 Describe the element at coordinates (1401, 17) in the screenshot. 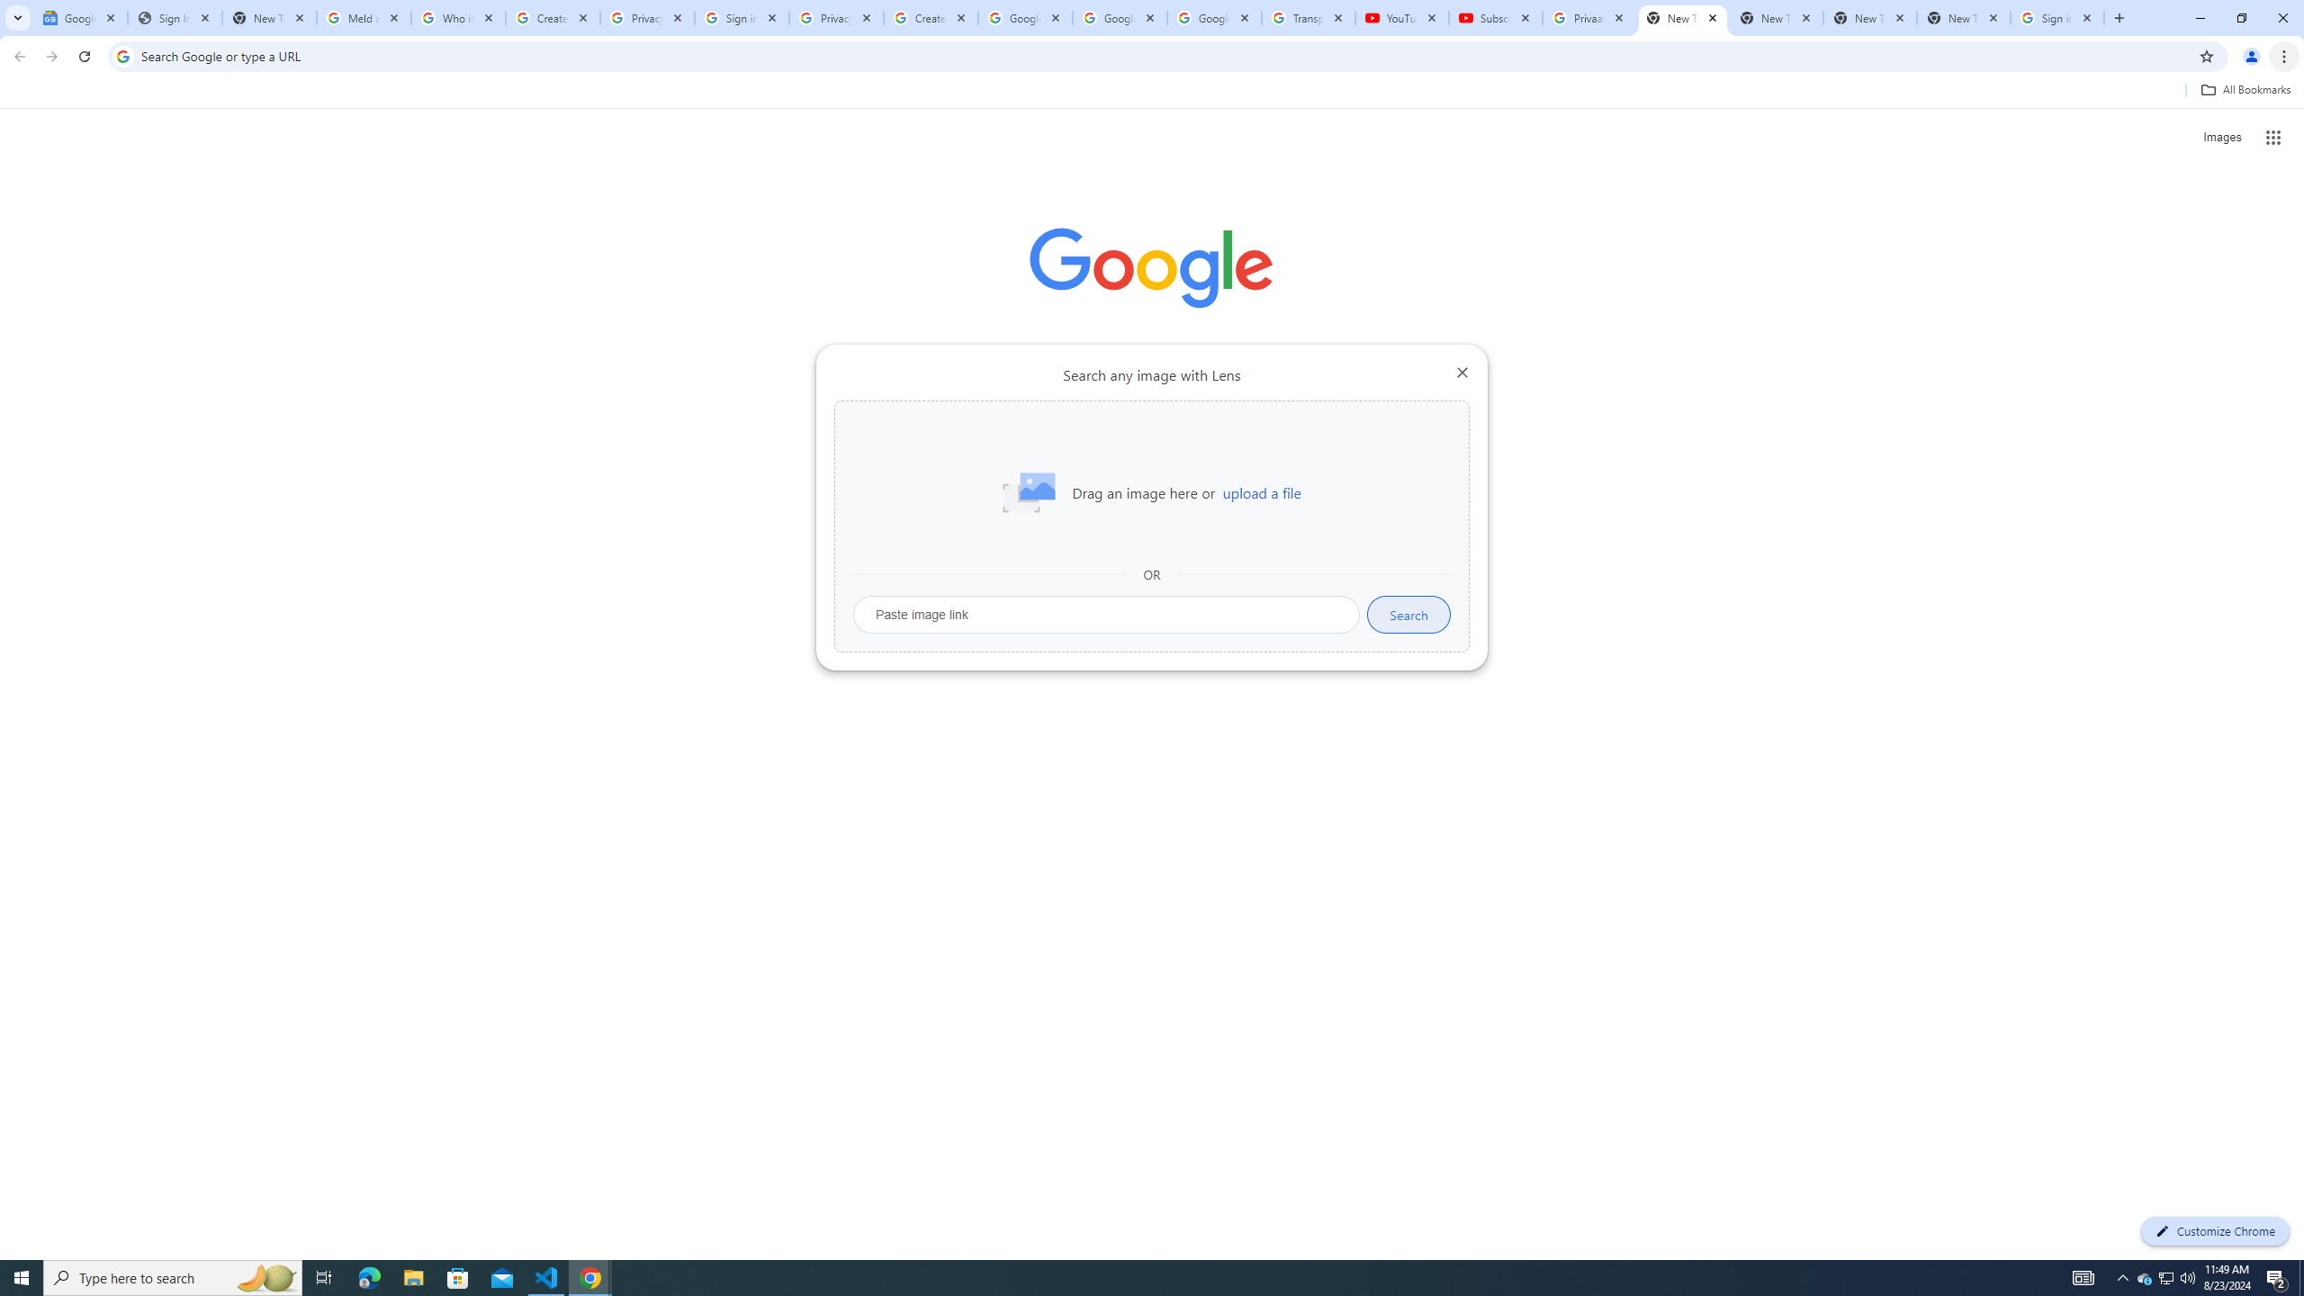

I see `'YouTube'` at that location.